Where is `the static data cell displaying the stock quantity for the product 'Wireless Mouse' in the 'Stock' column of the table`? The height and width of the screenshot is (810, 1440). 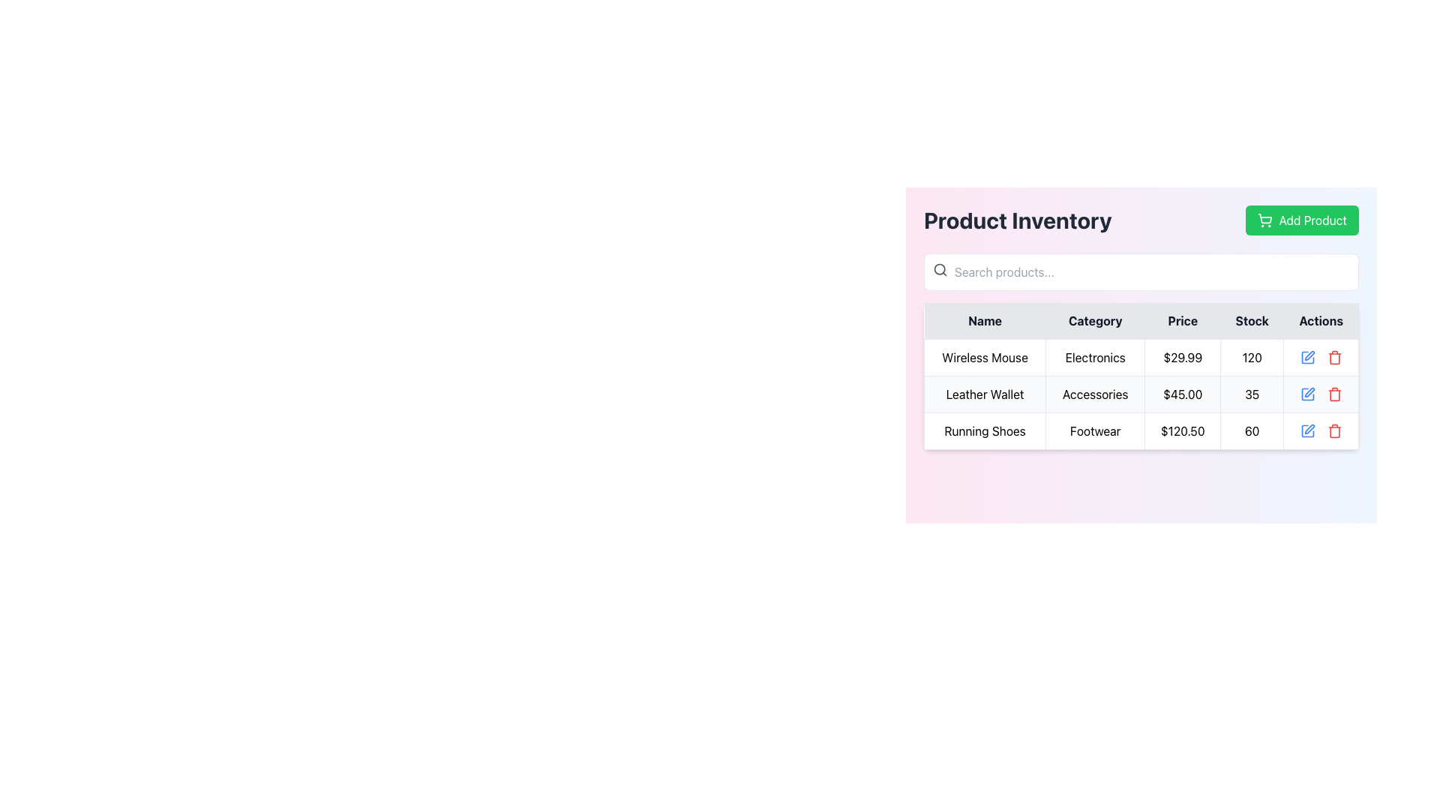
the static data cell displaying the stock quantity for the product 'Wireless Mouse' in the 'Stock' column of the table is located at coordinates (1252, 358).